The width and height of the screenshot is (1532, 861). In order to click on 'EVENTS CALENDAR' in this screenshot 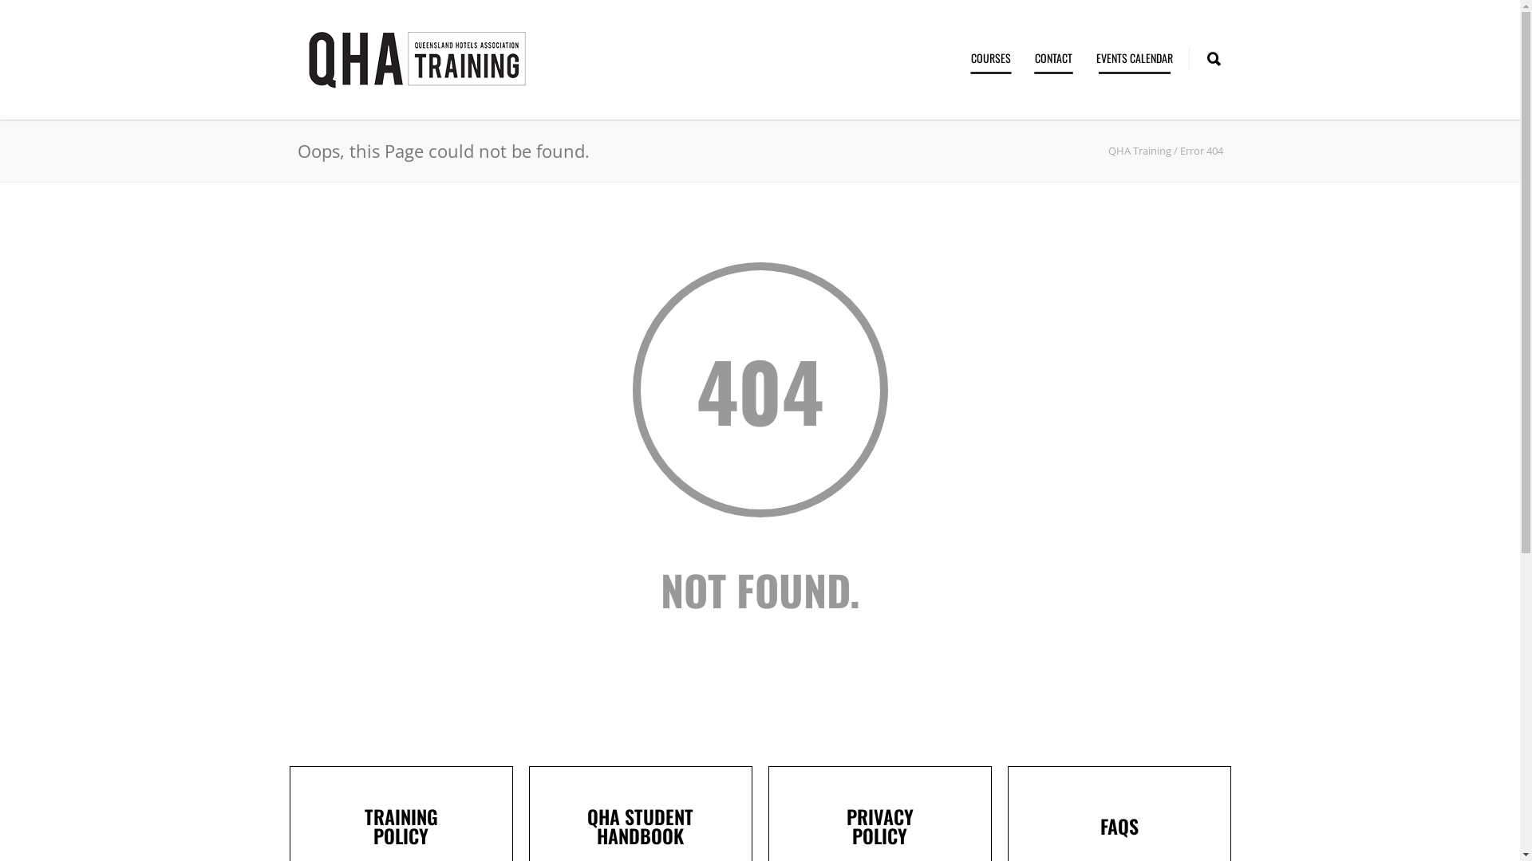, I will do `click(1132, 57)`.